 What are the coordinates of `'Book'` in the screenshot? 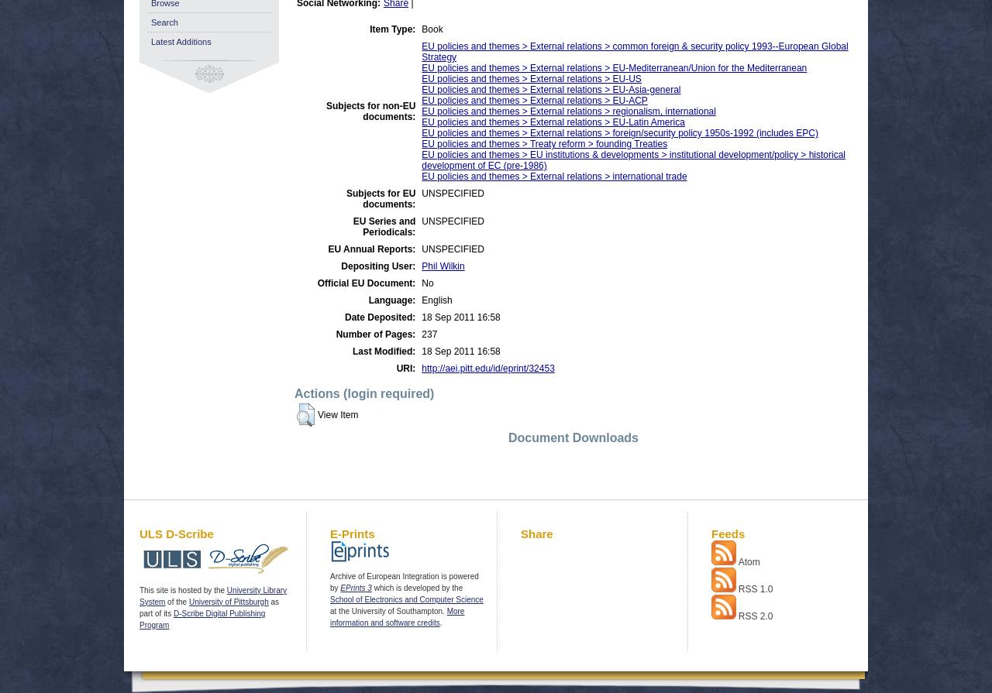 It's located at (432, 29).